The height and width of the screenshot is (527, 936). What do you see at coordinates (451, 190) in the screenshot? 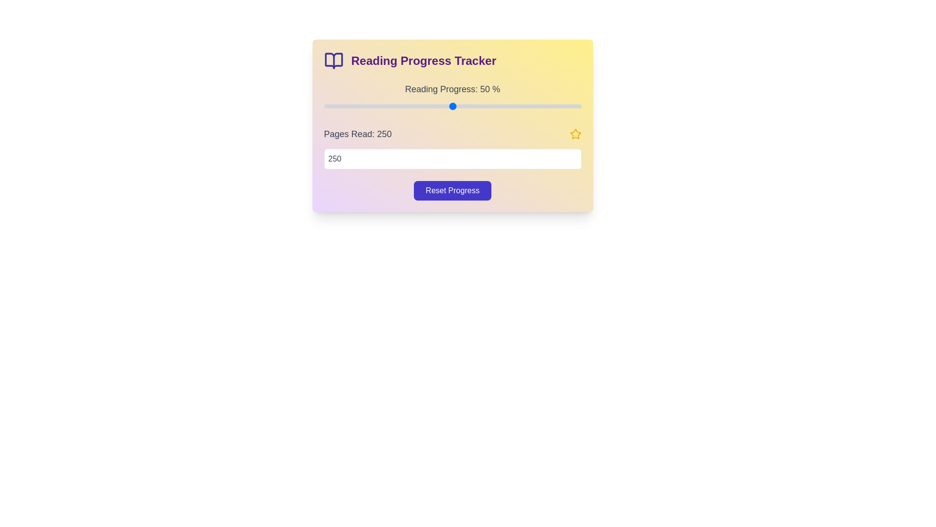
I see `the reset button to reset the progress and pages read` at bounding box center [451, 190].